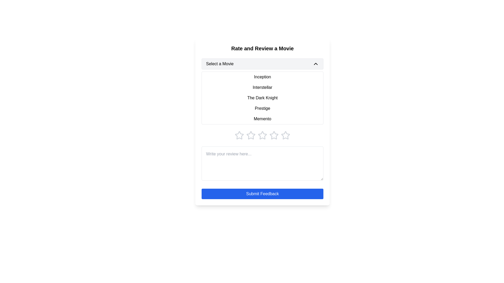  I want to click on to select the third star icon in a horizontal row of five, which is styled in gray and appears unselected, for rating, so click(250, 135).